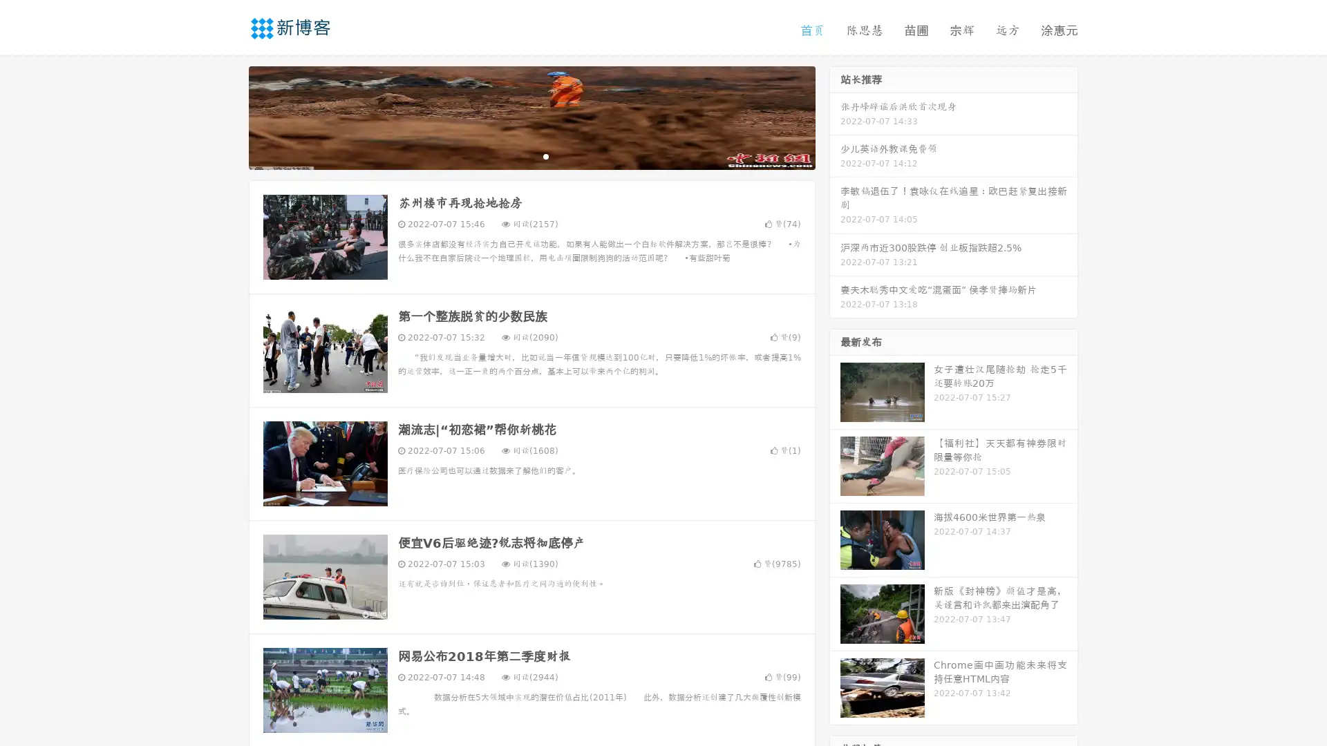 Image resolution: width=1327 pixels, height=746 pixels. I want to click on Go to slide 1, so click(517, 155).